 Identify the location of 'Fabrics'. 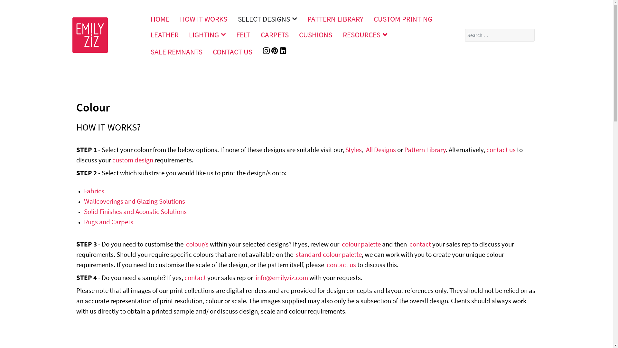
(93, 190).